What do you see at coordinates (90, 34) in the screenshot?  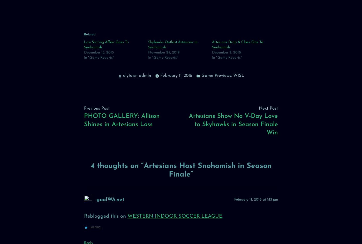 I see `'Related'` at bounding box center [90, 34].